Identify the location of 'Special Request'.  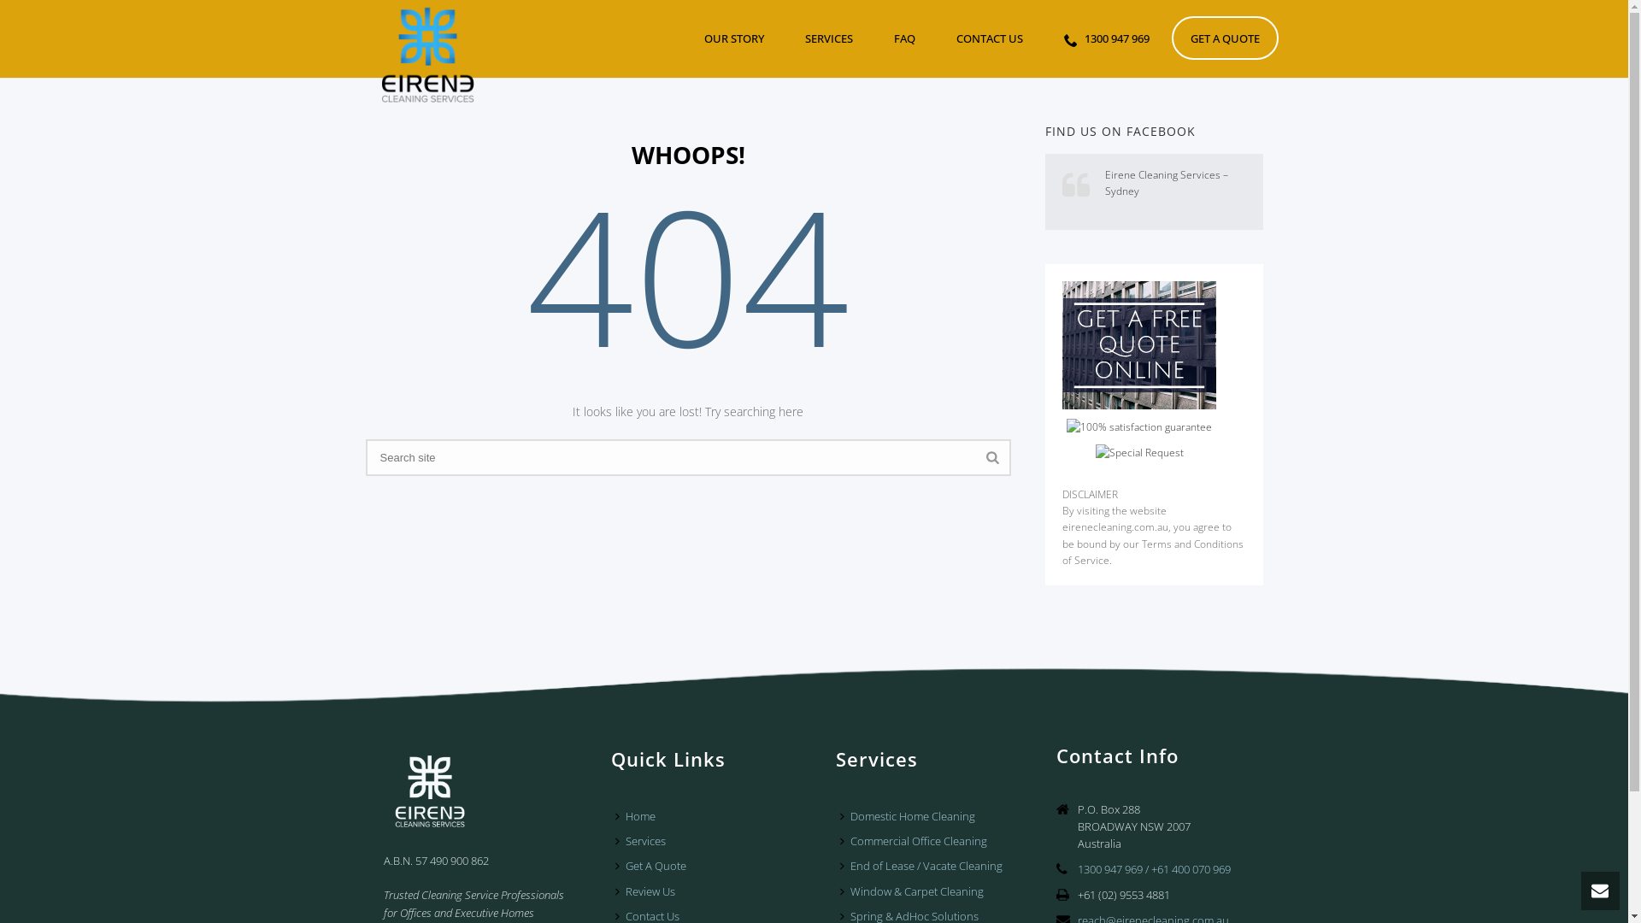
(1139, 451).